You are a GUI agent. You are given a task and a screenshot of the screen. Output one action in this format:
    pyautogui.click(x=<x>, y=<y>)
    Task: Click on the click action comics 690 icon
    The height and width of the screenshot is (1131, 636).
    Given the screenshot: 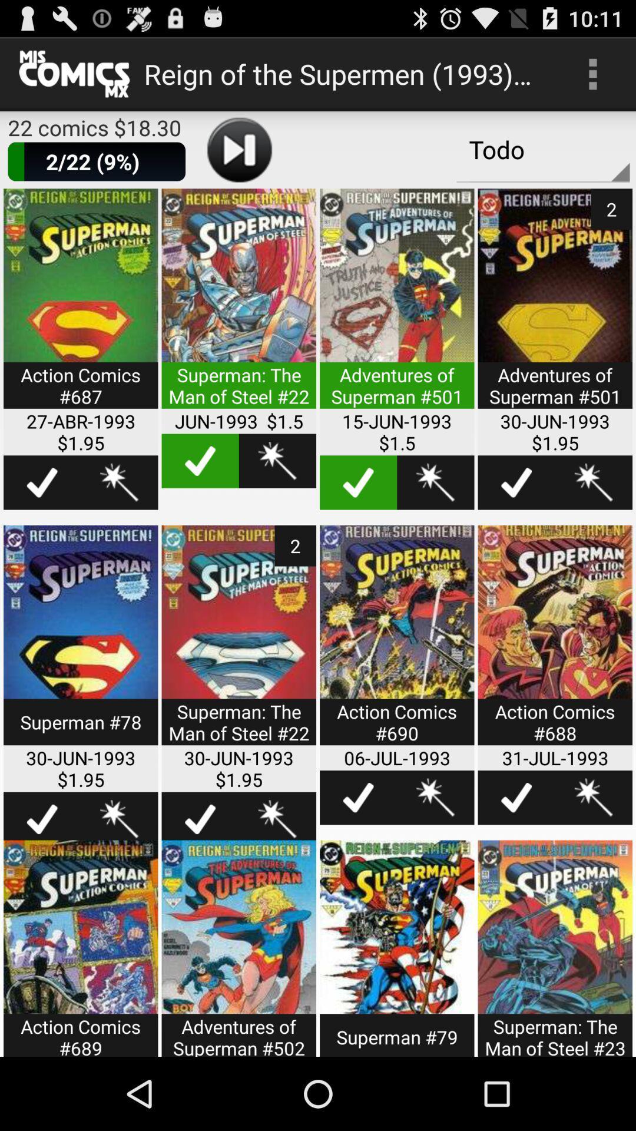 What is the action you would take?
    pyautogui.click(x=397, y=642)
    